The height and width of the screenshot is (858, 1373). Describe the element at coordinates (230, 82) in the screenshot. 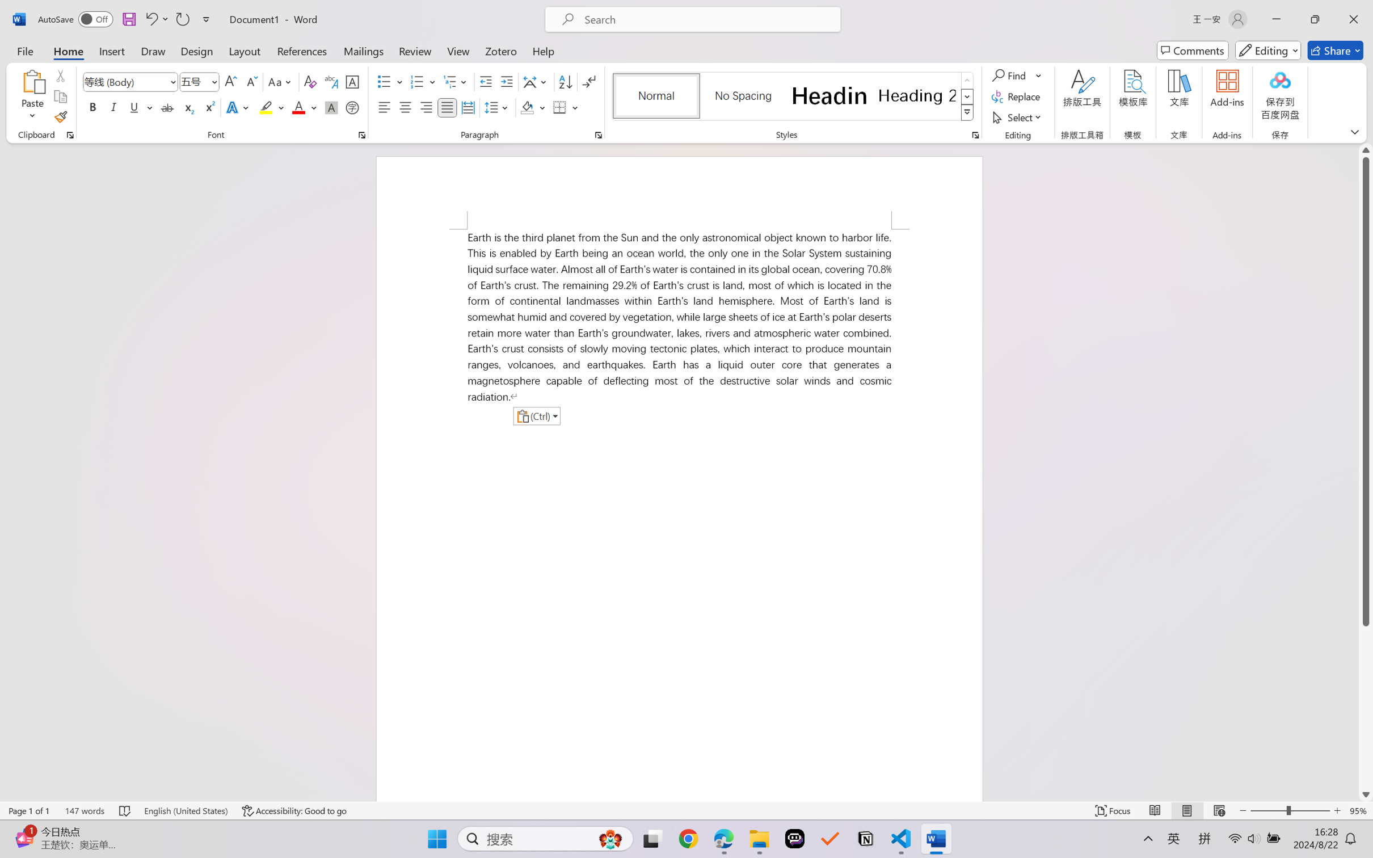

I see `'Grow Font'` at that location.